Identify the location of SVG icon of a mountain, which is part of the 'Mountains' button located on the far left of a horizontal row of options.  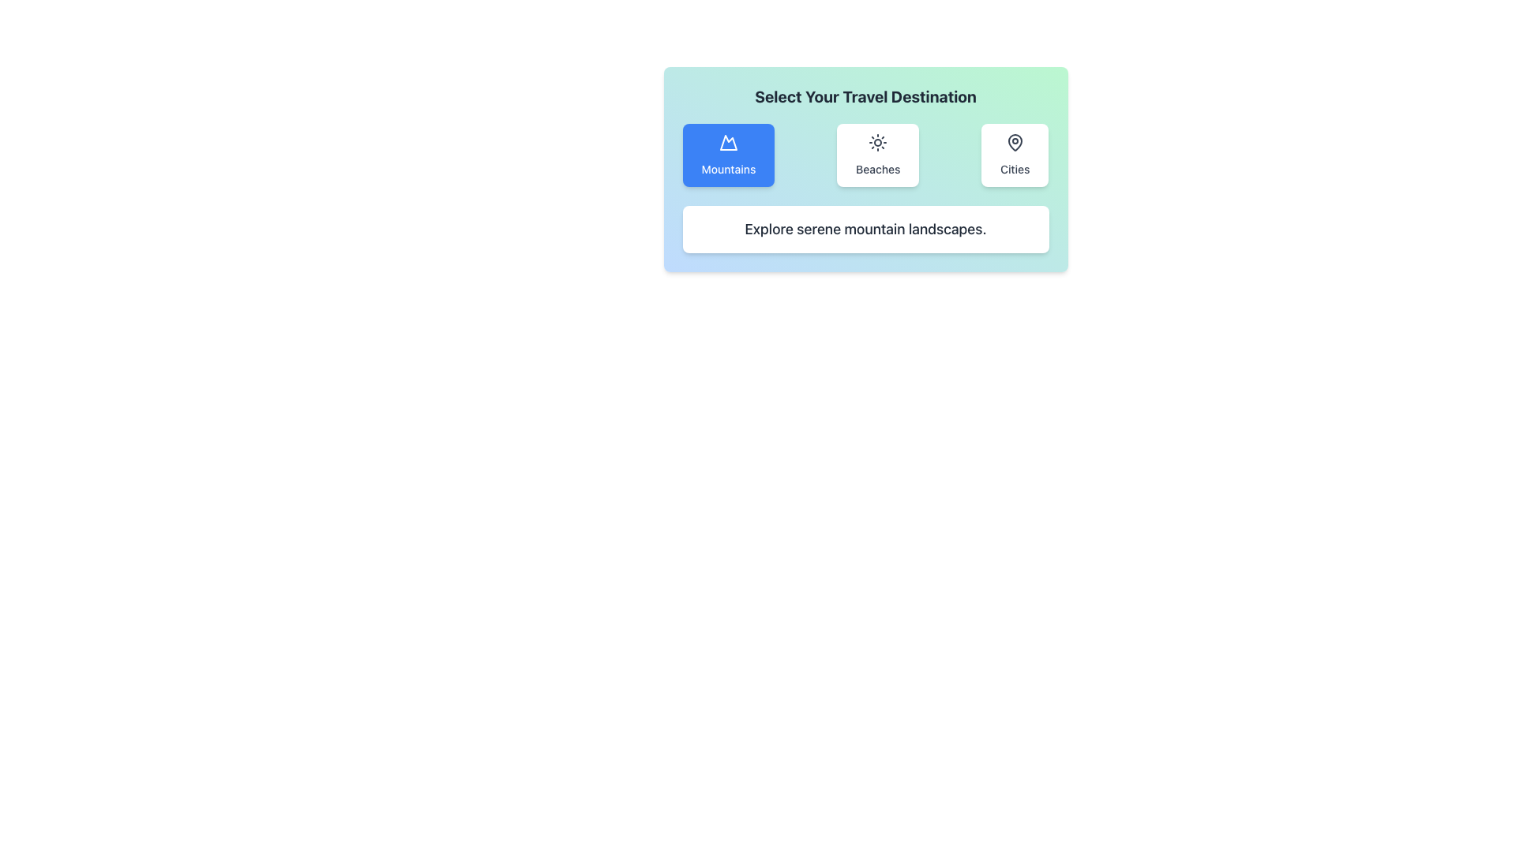
(727, 143).